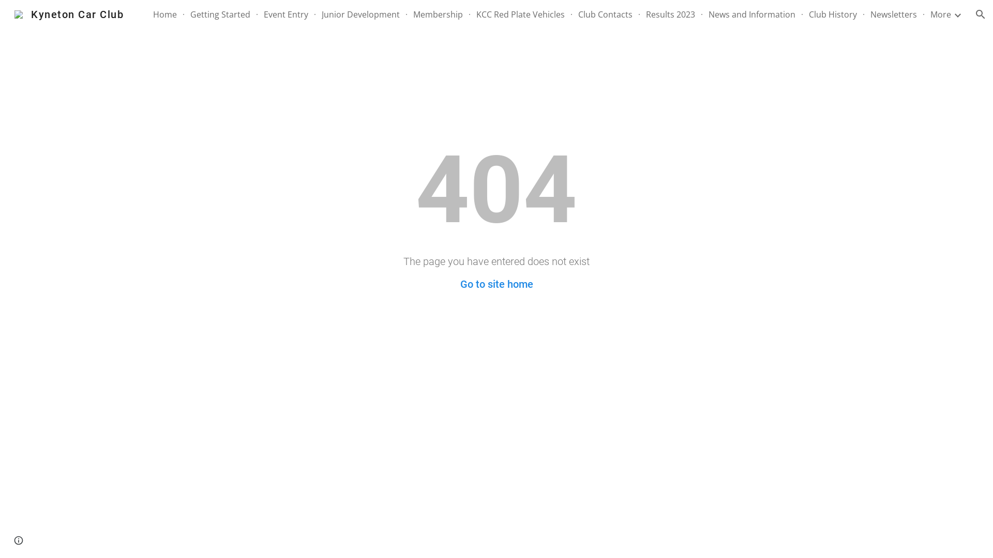 The height and width of the screenshot is (558, 993). Describe the element at coordinates (605, 14) in the screenshot. I see `'Club Contacts'` at that location.